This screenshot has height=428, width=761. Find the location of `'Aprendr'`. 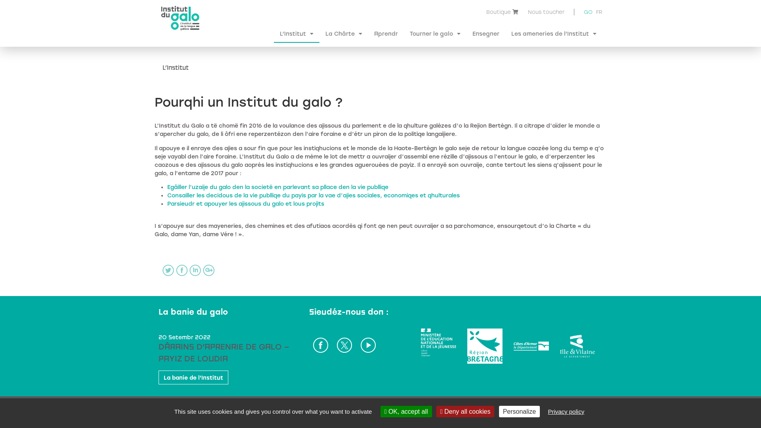

'Aprendr' is located at coordinates (386, 33).